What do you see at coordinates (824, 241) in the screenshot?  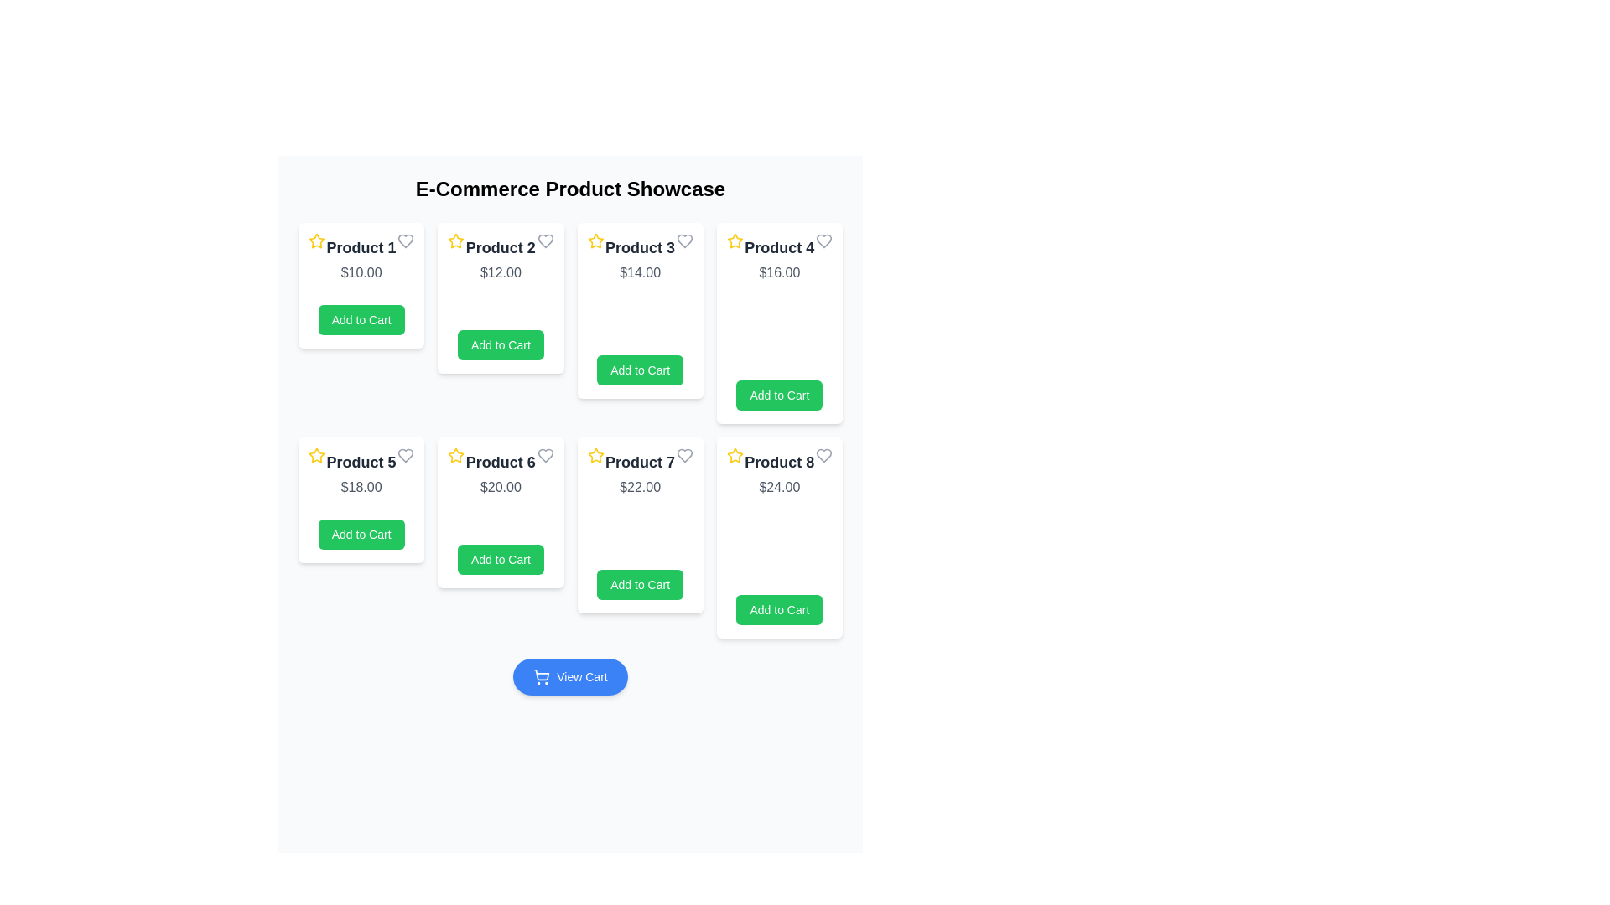 I see `the heart-shaped icon button located at the top-right corner of the product card labeled 'Product 4'` at bounding box center [824, 241].